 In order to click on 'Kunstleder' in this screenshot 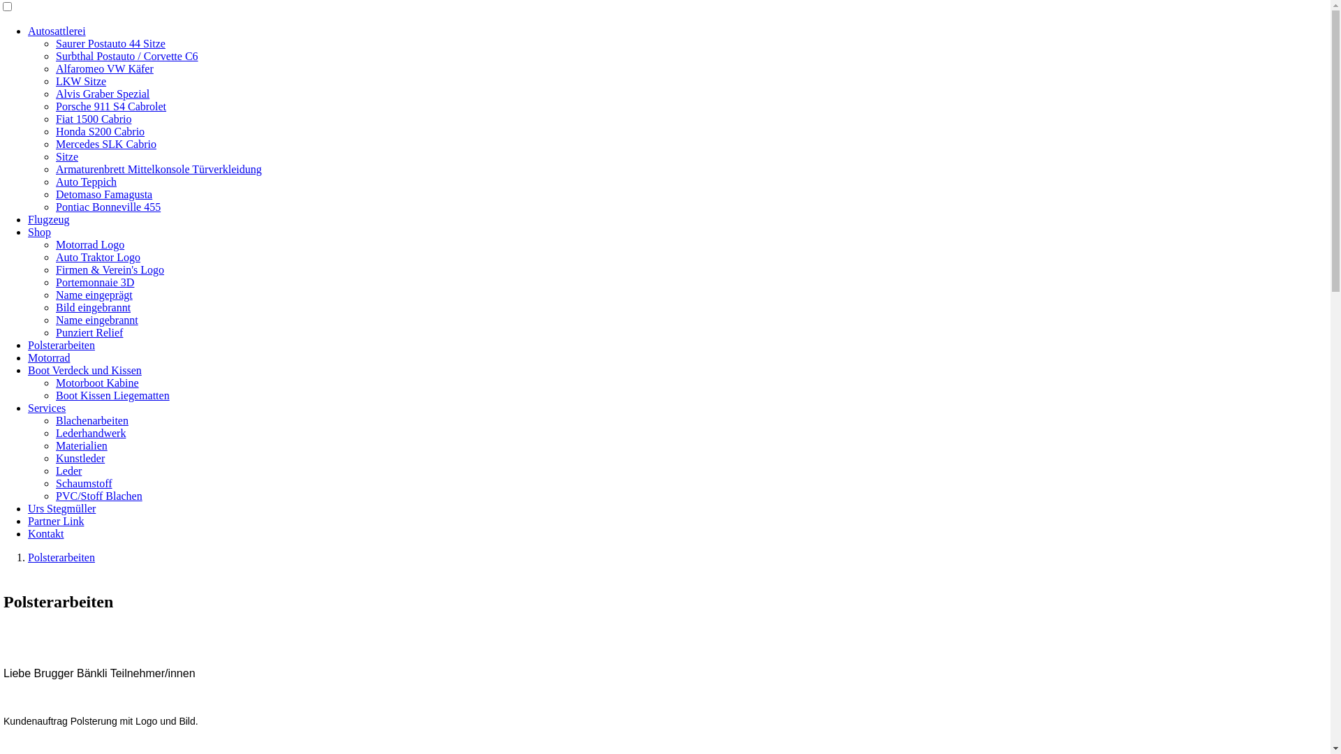, I will do `click(80, 458)`.